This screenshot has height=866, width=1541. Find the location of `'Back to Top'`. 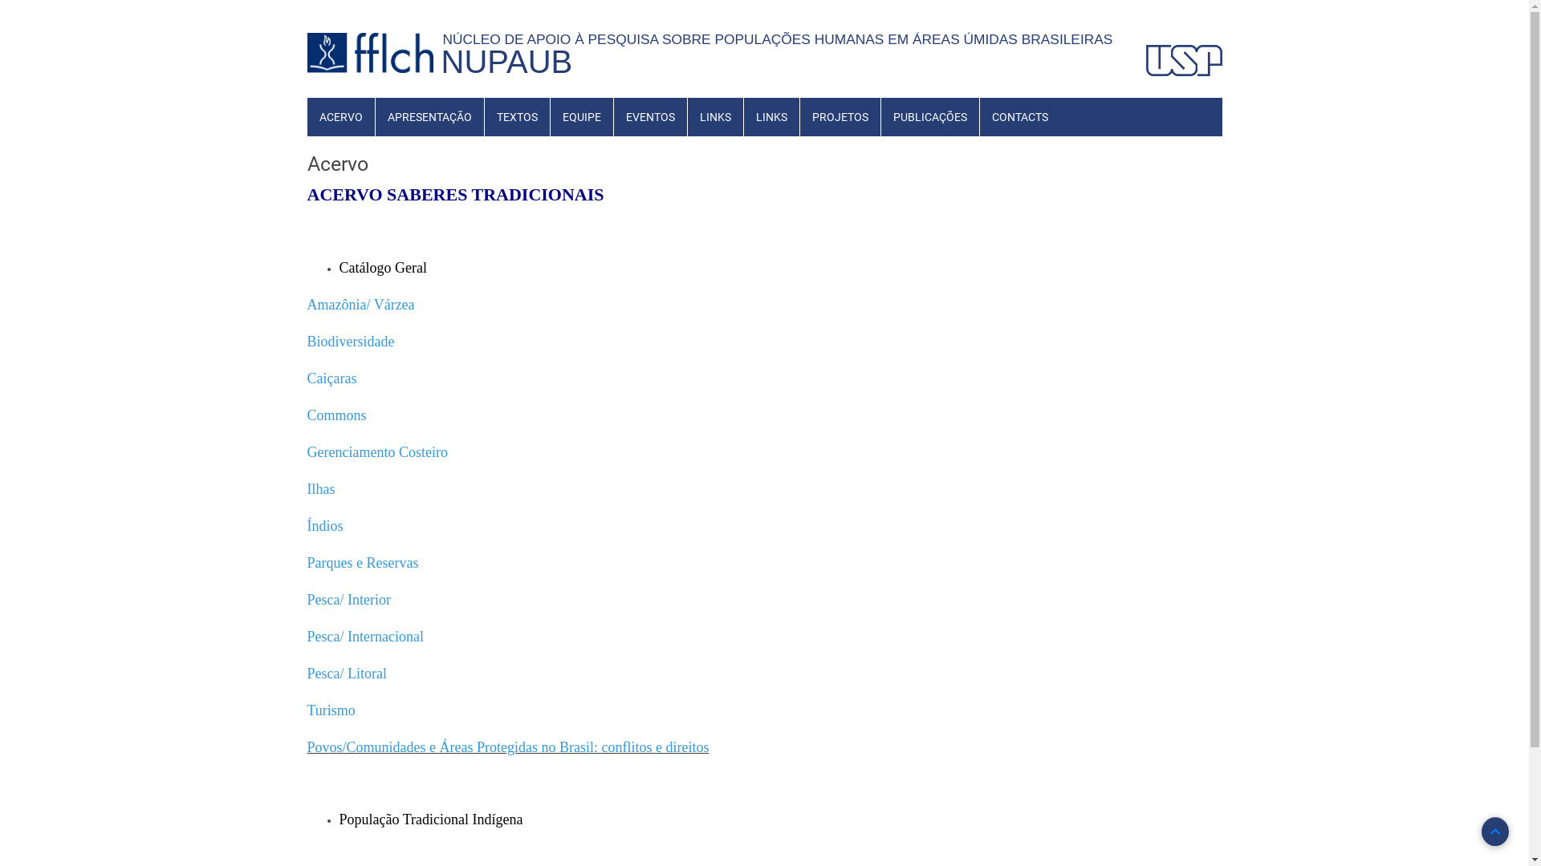

'Back to Top' is located at coordinates (1494, 831).